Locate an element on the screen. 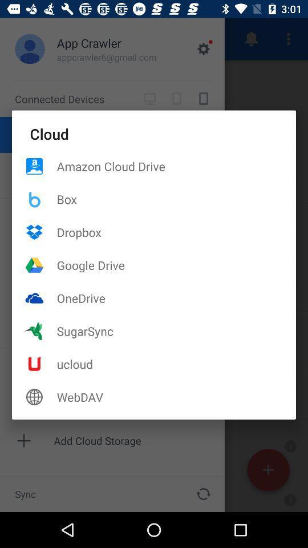  icon below onedrive item is located at coordinates (176, 331).